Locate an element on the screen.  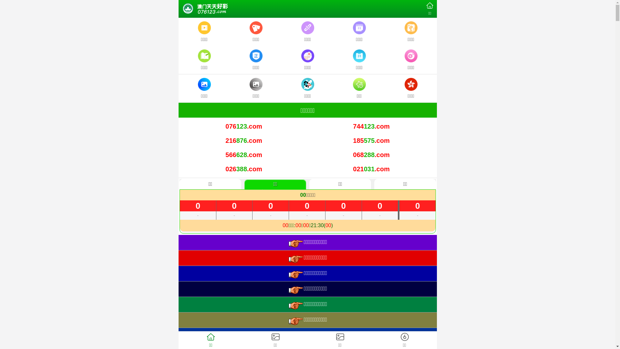
'076123.com' is located at coordinates (243, 127).